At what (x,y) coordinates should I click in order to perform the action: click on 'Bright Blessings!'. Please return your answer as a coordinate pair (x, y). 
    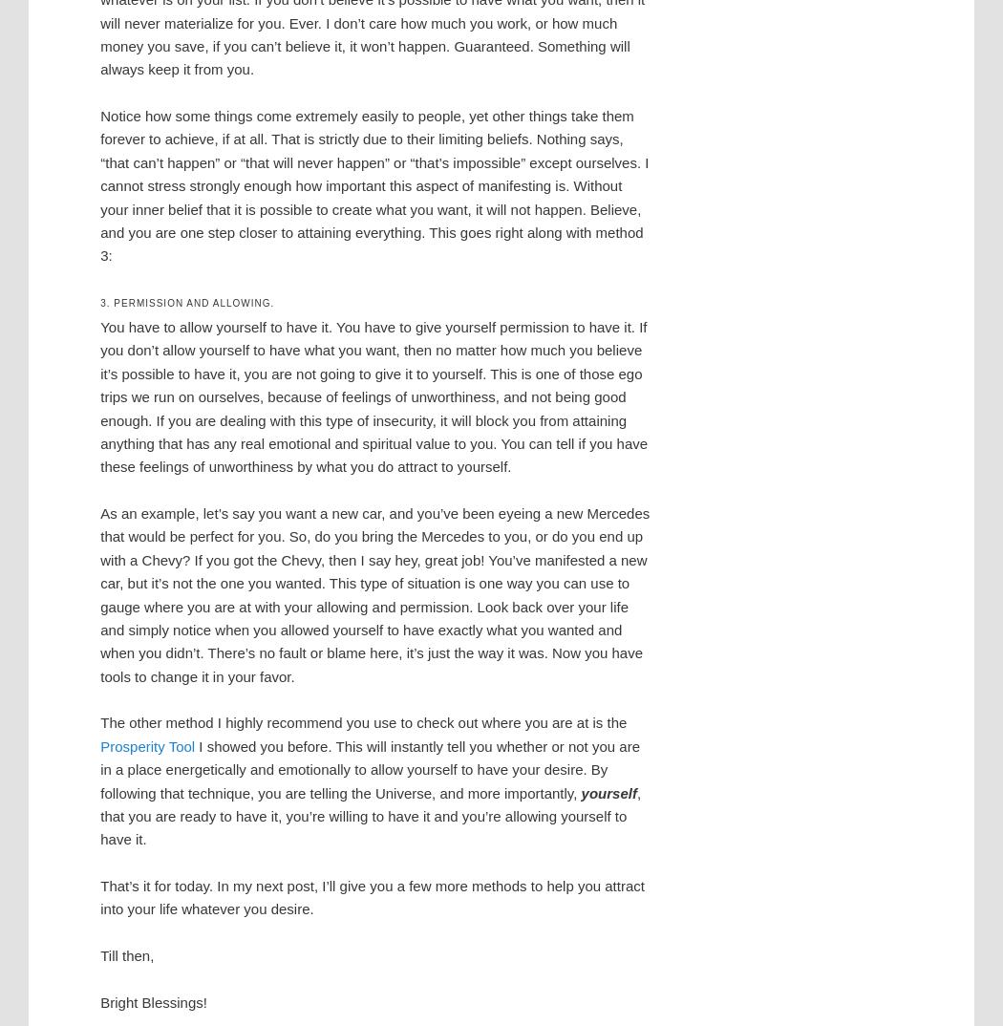
    Looking at the image, I should click on (153, 1001).